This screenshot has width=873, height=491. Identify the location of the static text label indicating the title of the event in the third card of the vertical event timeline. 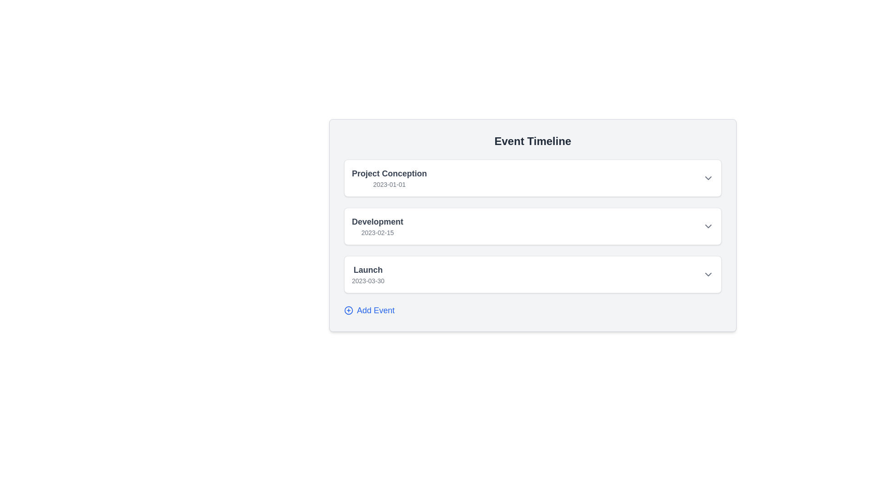
(368, 270).